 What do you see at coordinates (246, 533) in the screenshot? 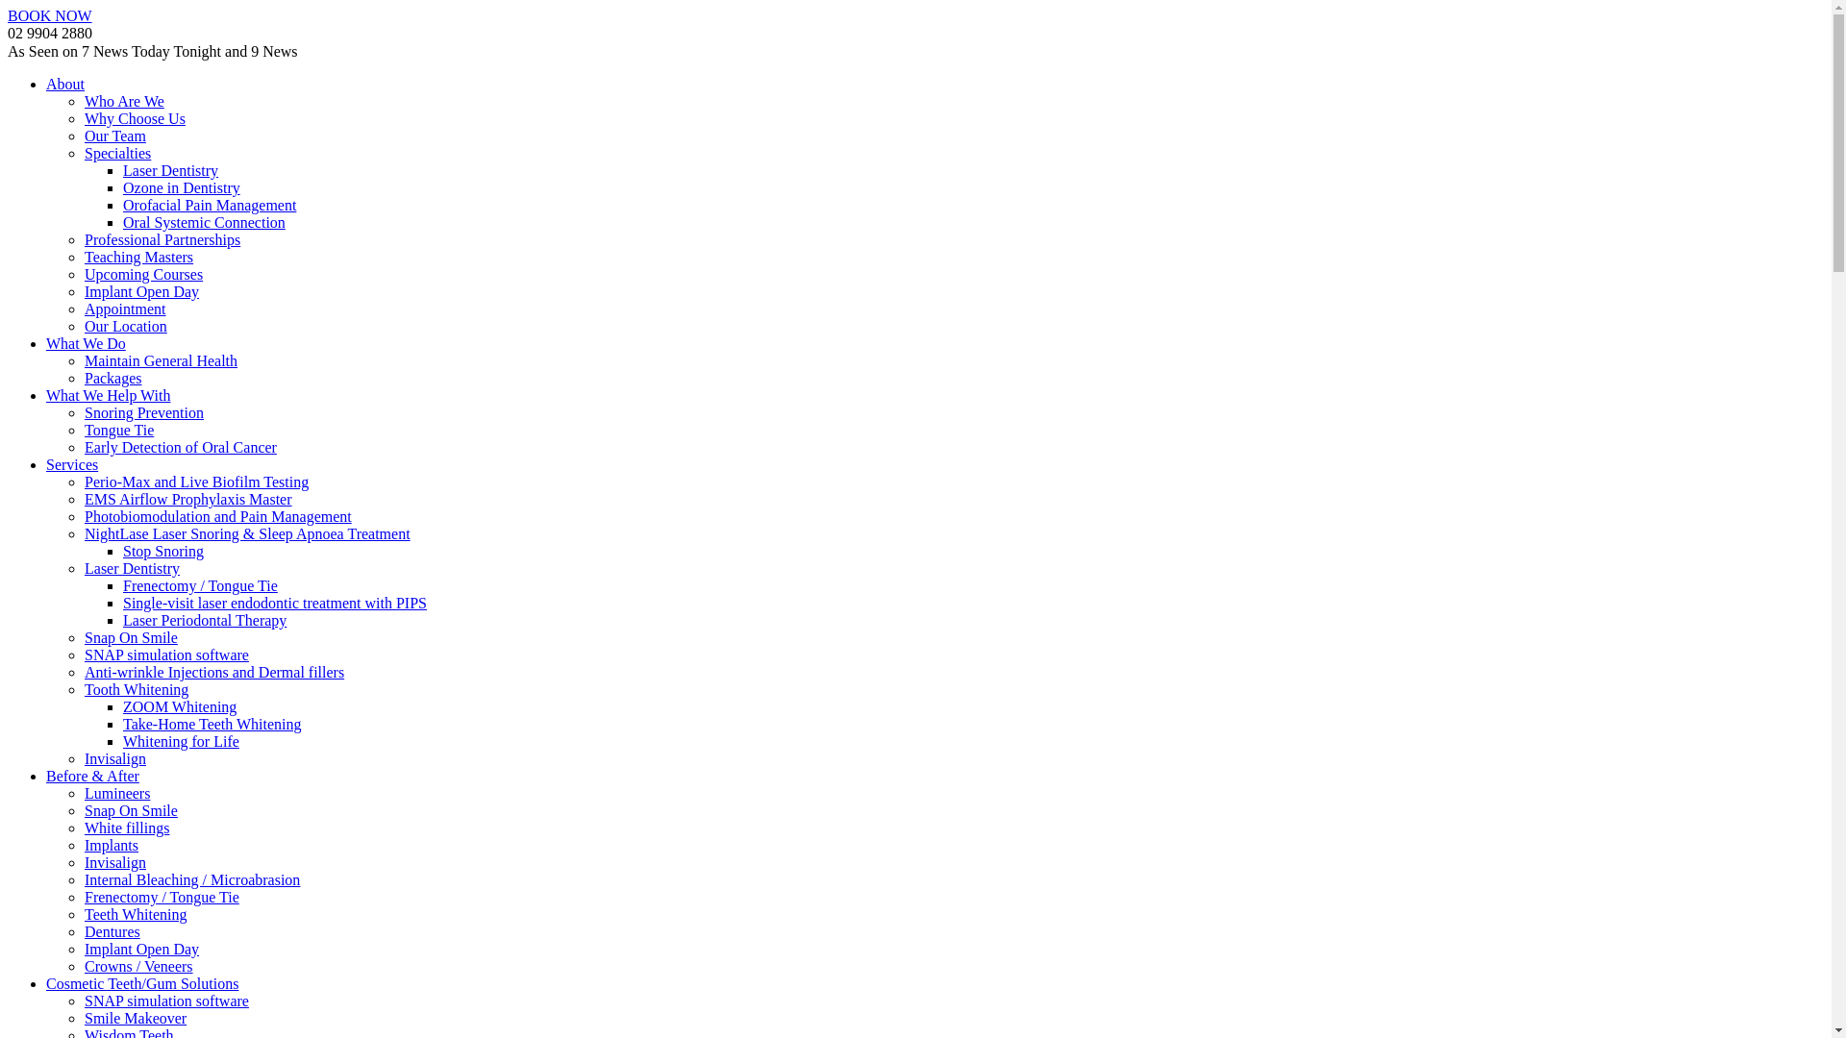
I see `'NightLase Laser Snoring & Sleep Apnoea Treatment'` at bounding box center [246, 533].